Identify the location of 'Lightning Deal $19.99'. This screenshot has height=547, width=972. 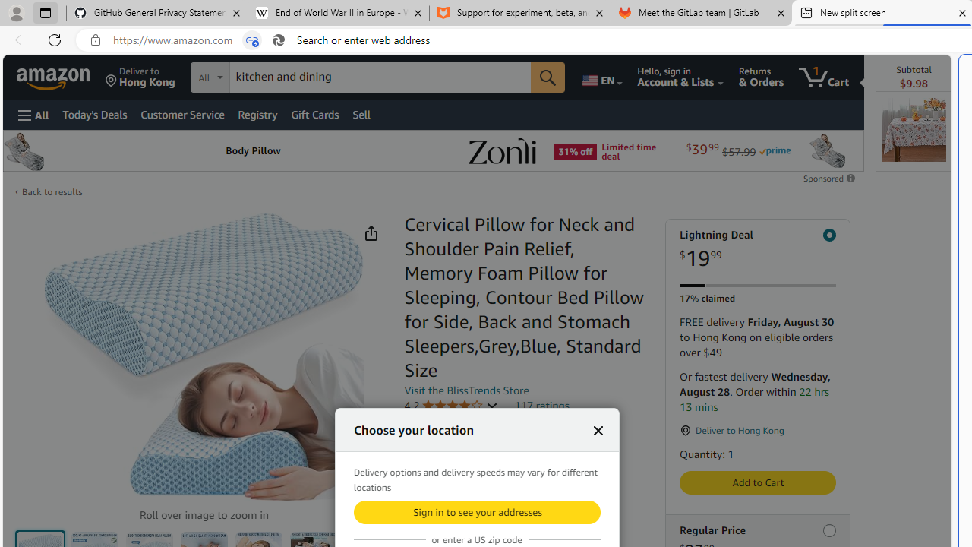
(757, 248).